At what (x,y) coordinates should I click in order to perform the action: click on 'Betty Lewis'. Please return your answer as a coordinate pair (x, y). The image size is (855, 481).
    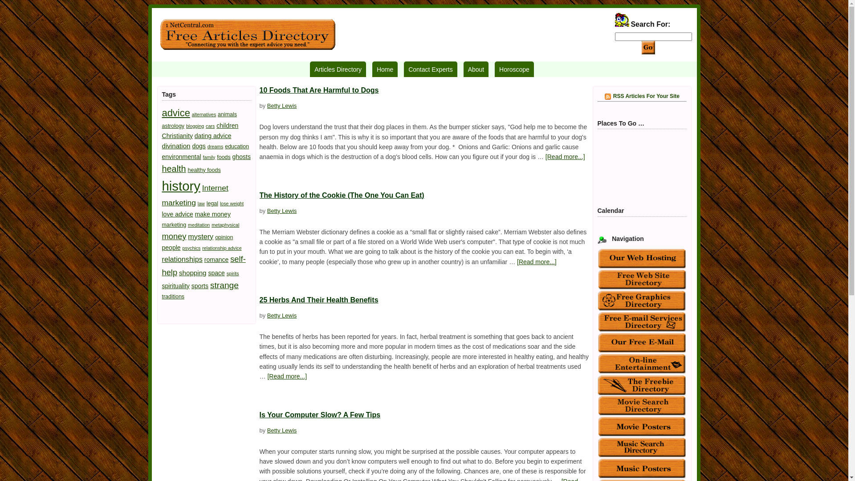
    Looking at the image, I should click on (281, 105).